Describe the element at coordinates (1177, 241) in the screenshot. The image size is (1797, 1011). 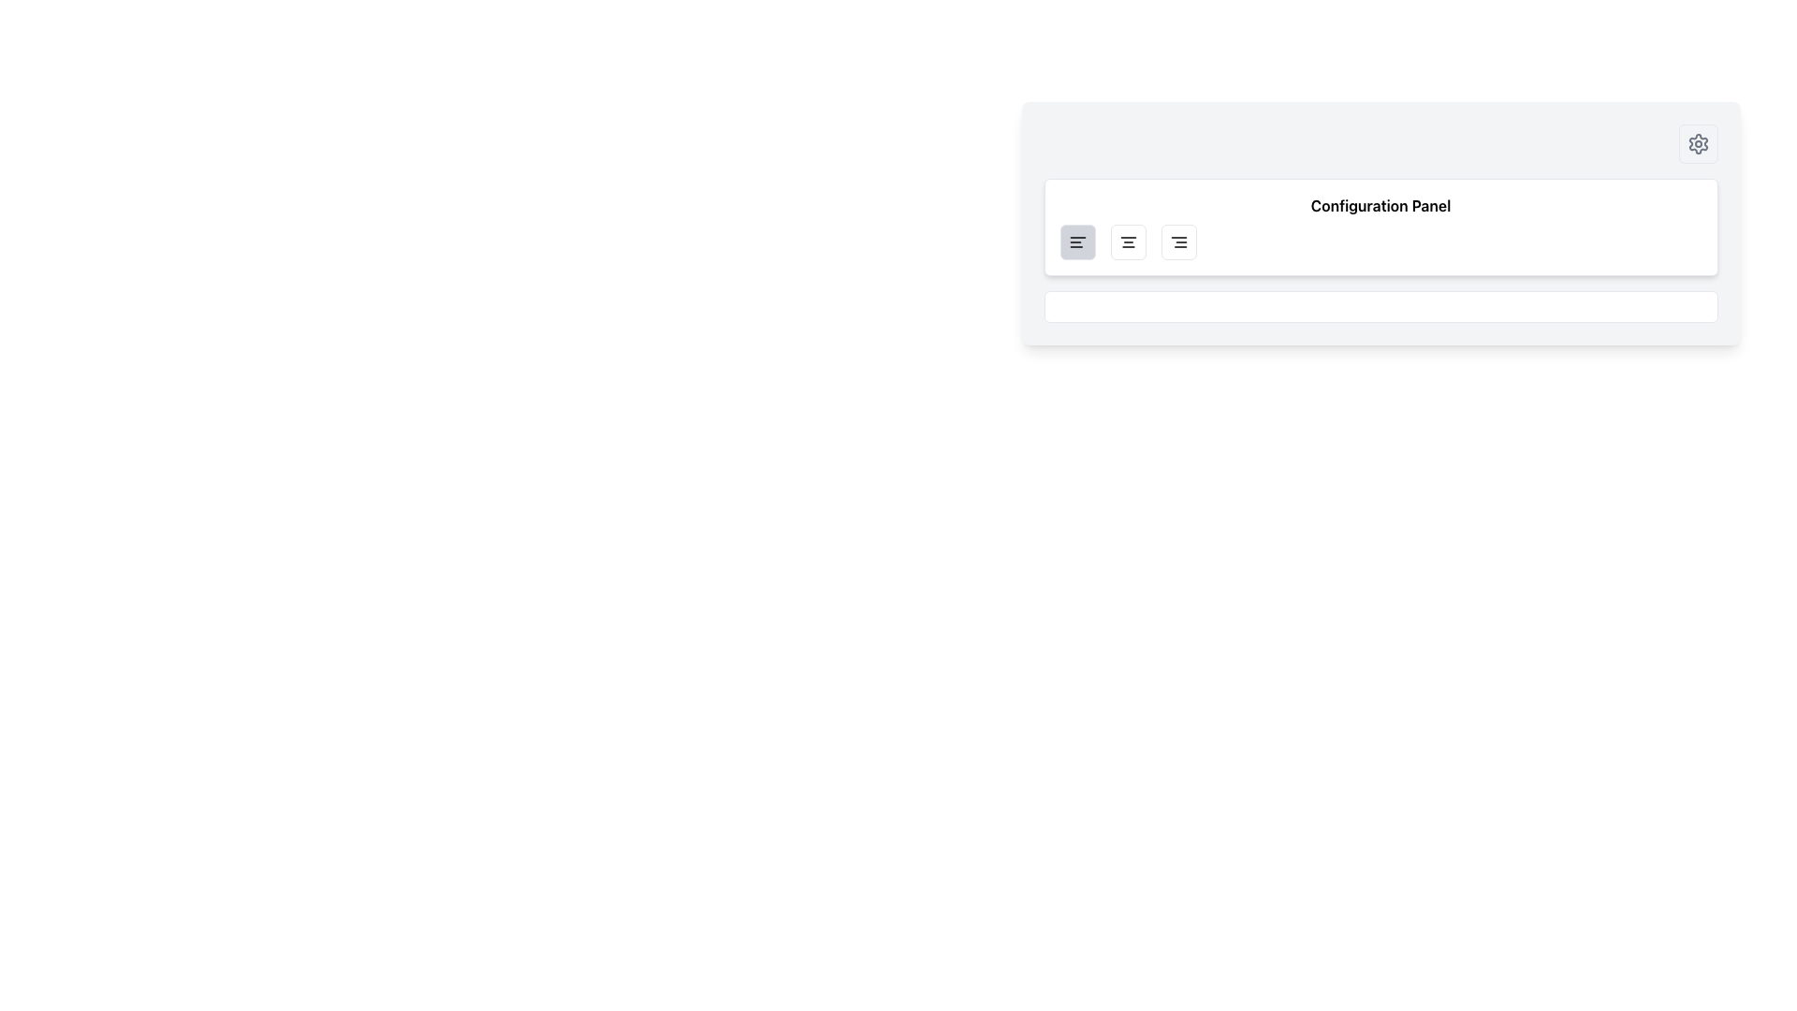
I see `the third button from the left within the row of alignment buttons in the top-left section of the interface to adjust the alignment of the content to the right side` at that location.